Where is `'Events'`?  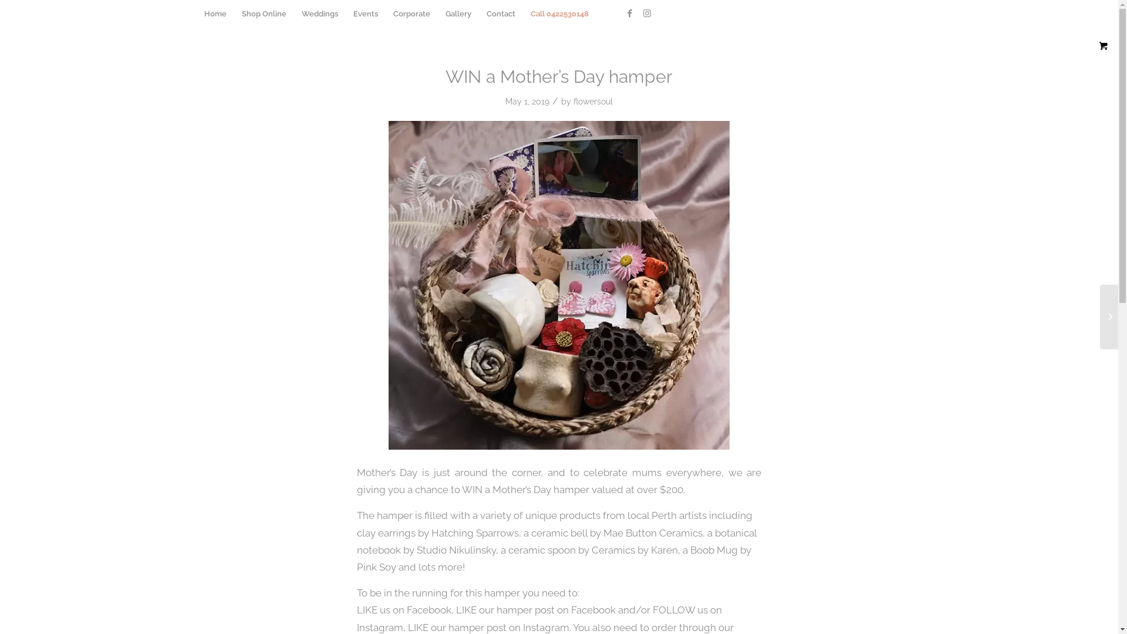 'Events' is located at coordinates (365, 14).